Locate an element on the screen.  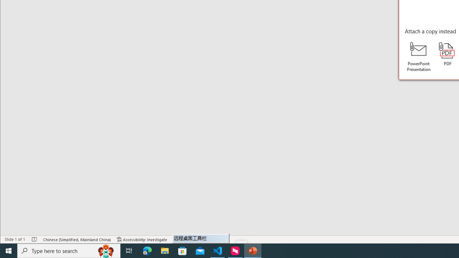
'Search highlights icon opens search home window' is located at coordinates (105, 250).